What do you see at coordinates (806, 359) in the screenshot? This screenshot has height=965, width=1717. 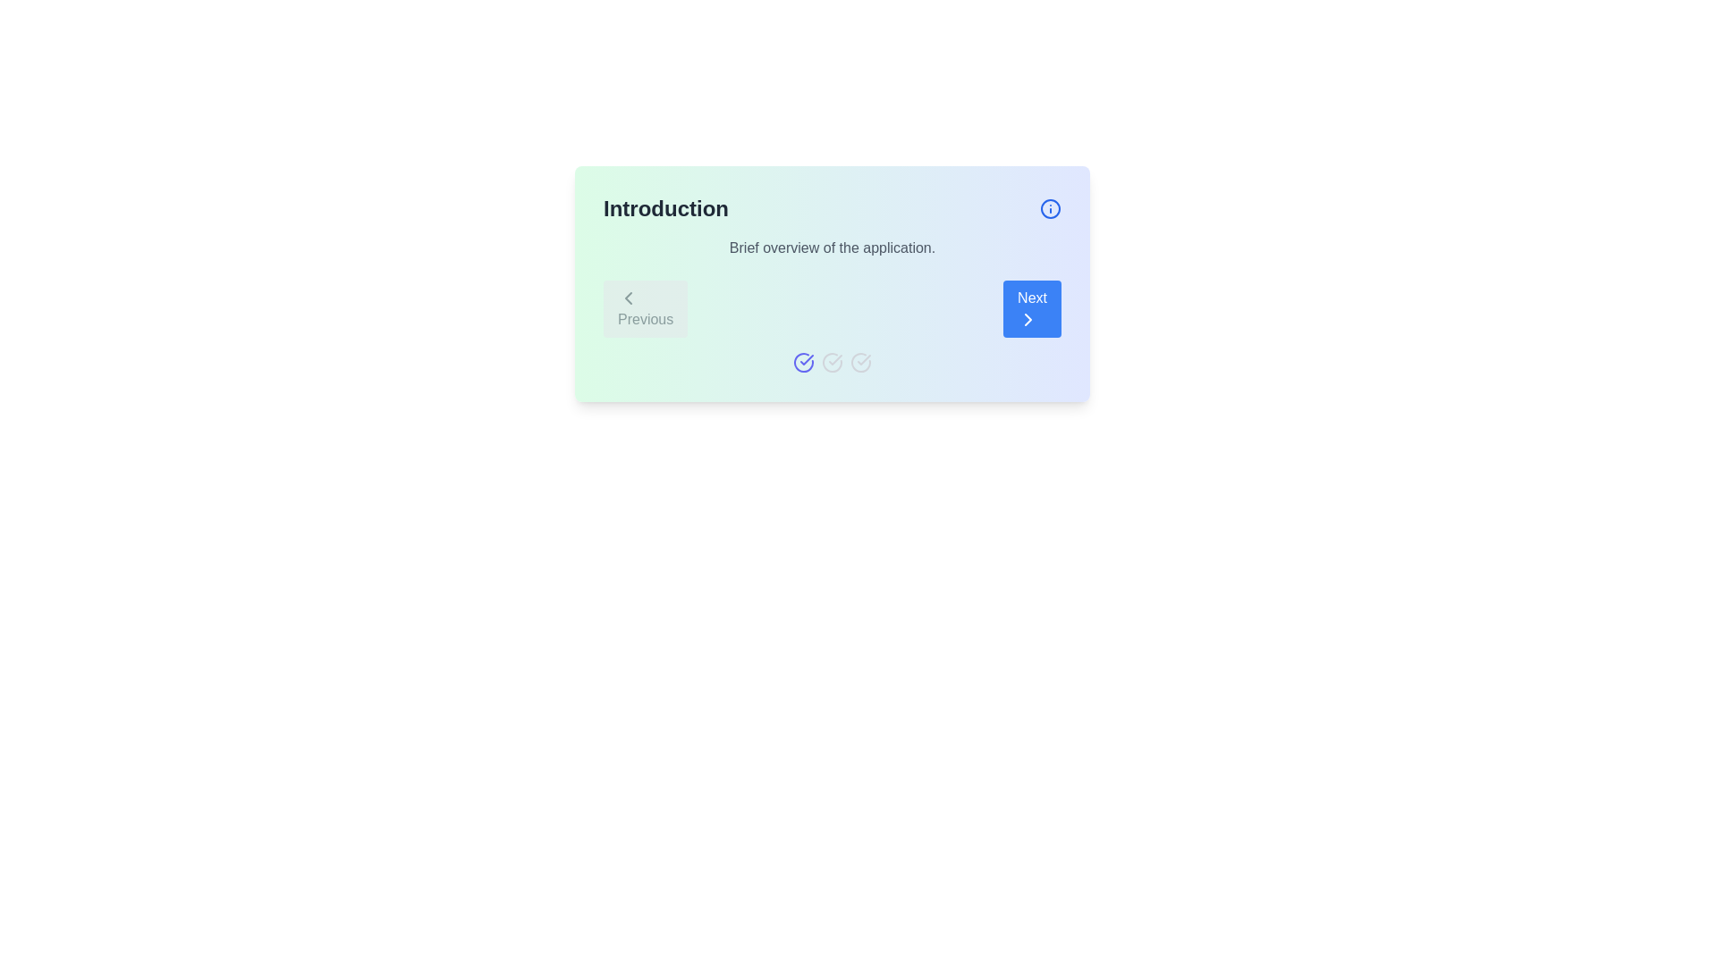 I see `the visual state of the checkmark within the circular indigo icon, which indicates successful completion or selection` at bounding box center [806, 359].